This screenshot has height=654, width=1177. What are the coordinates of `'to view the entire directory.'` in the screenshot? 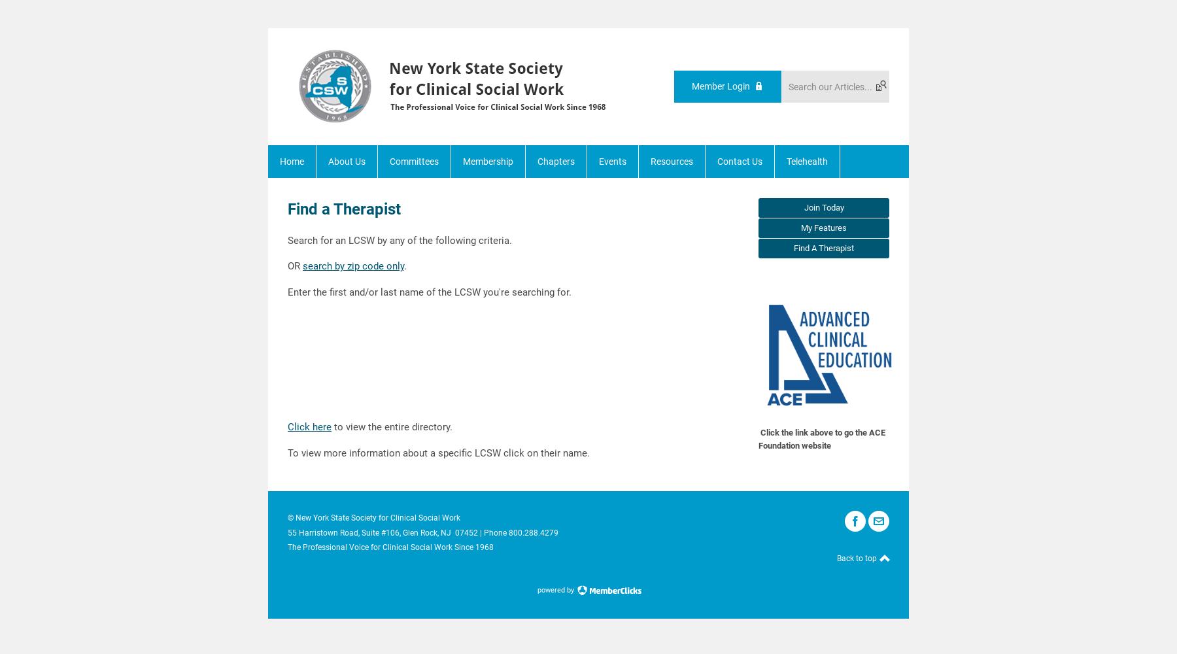 It's located at (392, 427).